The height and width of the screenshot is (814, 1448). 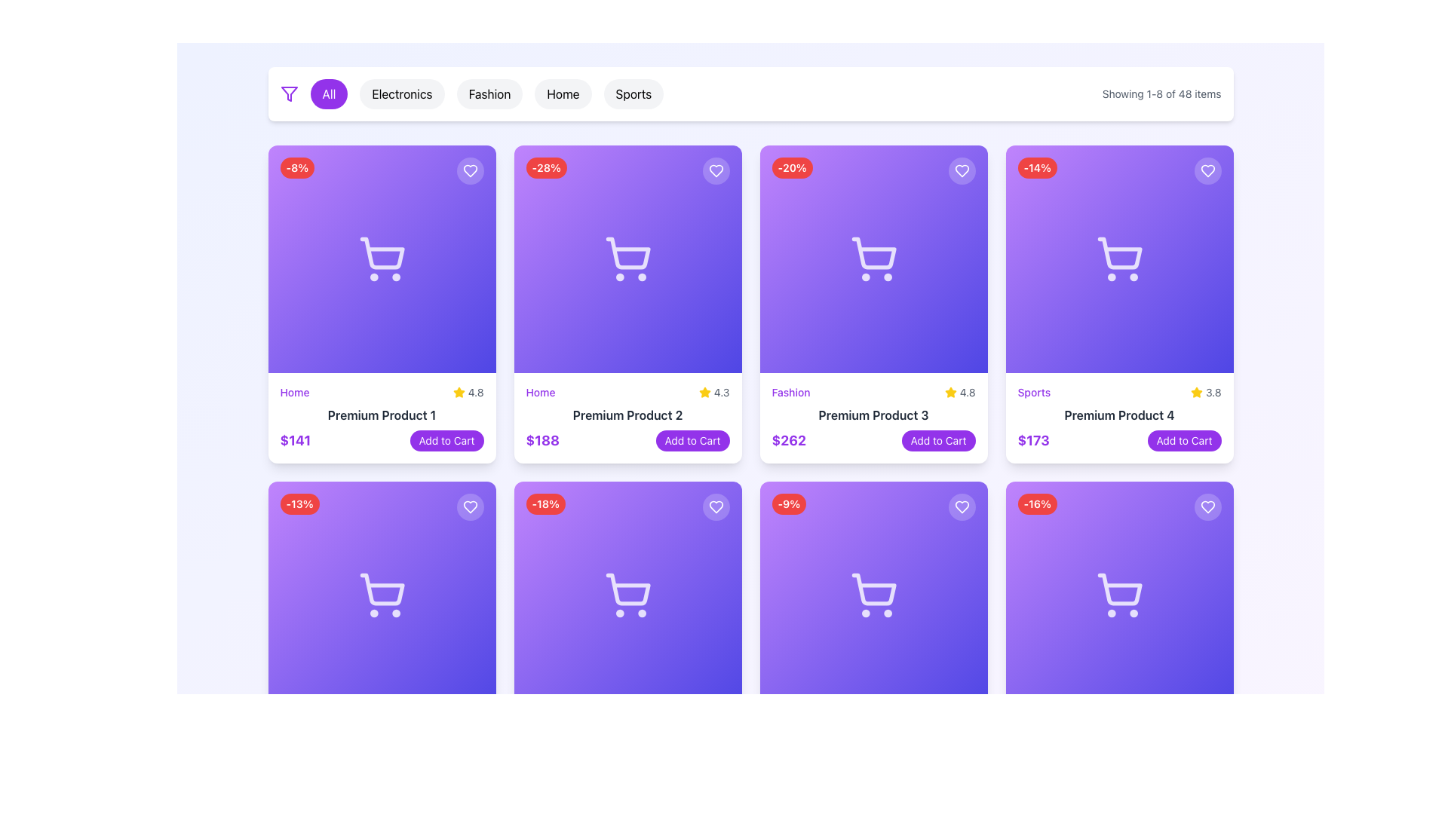 I want to click on the Product card located in the third column of the first row, so click(x=873, y=418).